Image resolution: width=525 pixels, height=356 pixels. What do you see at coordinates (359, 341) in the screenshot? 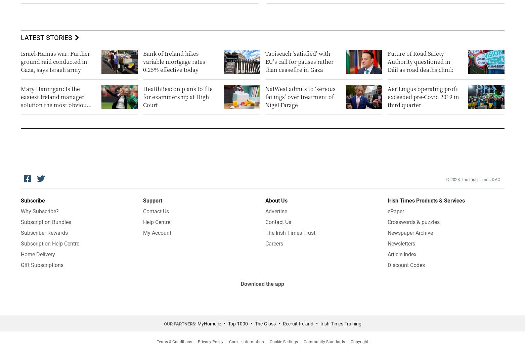
I see `'Copyright'` at bounding box center [359, 341].